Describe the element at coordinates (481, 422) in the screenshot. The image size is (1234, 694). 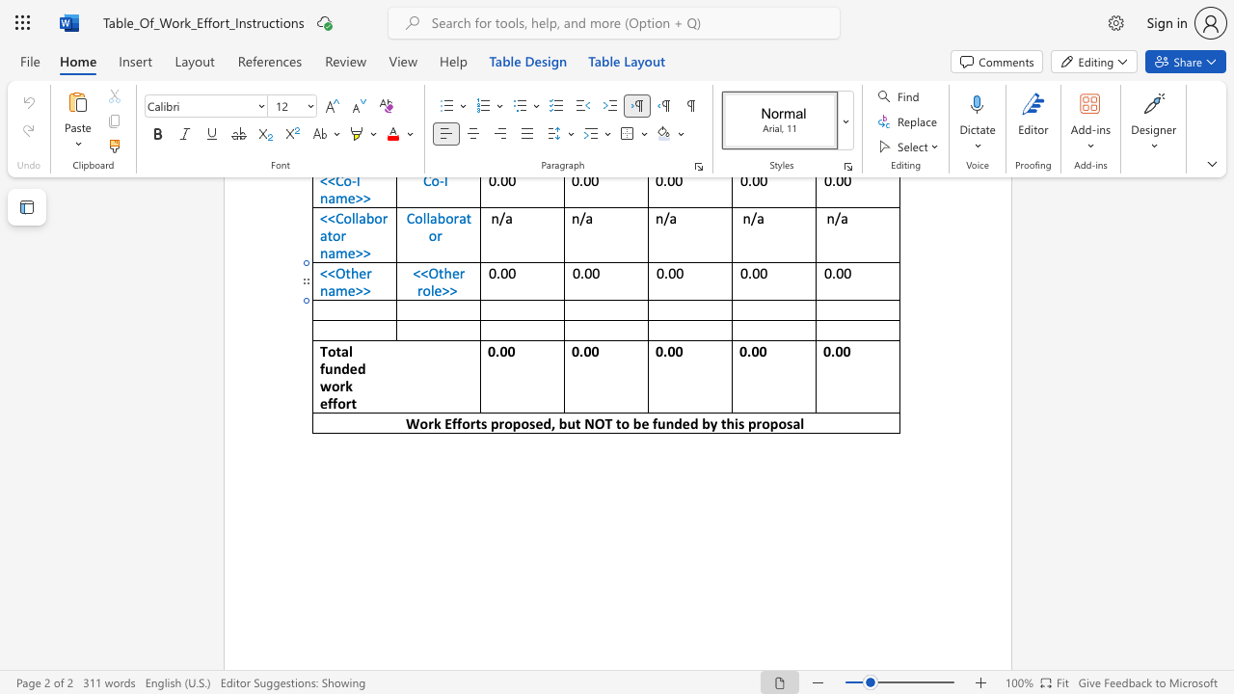
I see `the space between the continuous character "t" and "s" in the text` at that location.